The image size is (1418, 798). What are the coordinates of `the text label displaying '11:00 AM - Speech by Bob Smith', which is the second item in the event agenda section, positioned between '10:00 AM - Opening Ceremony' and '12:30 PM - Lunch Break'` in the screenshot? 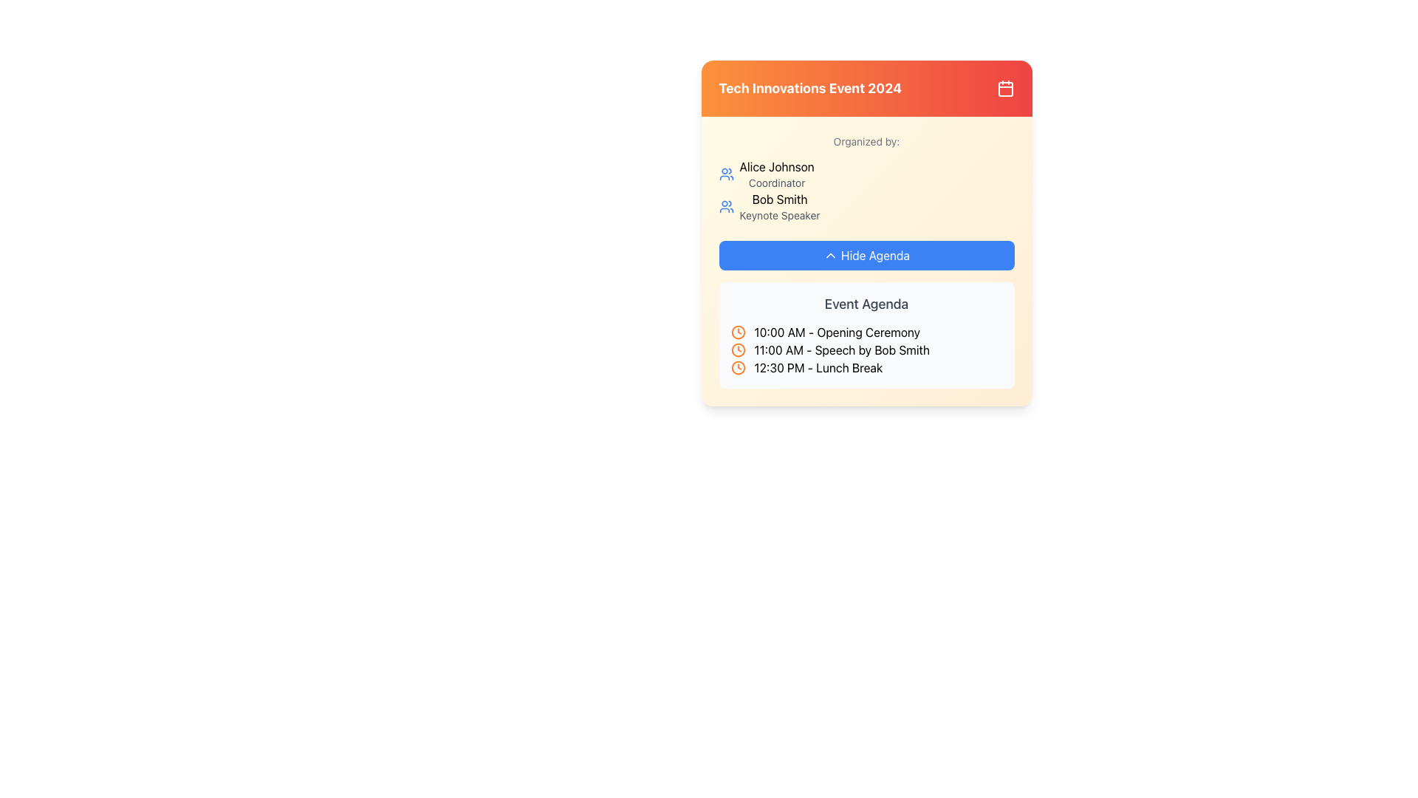 It's located at (842, 350).